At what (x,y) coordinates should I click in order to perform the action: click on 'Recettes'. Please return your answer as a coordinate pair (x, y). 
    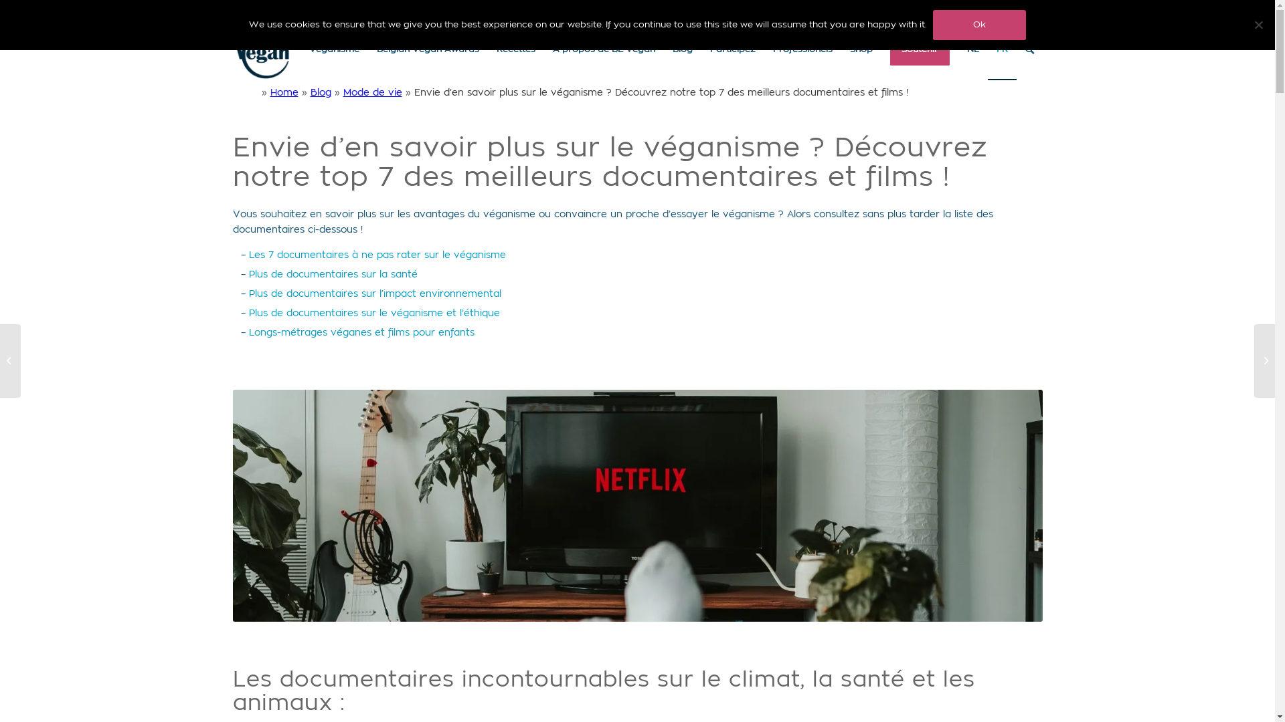
    Looking at the image, I should click on (514, 49).